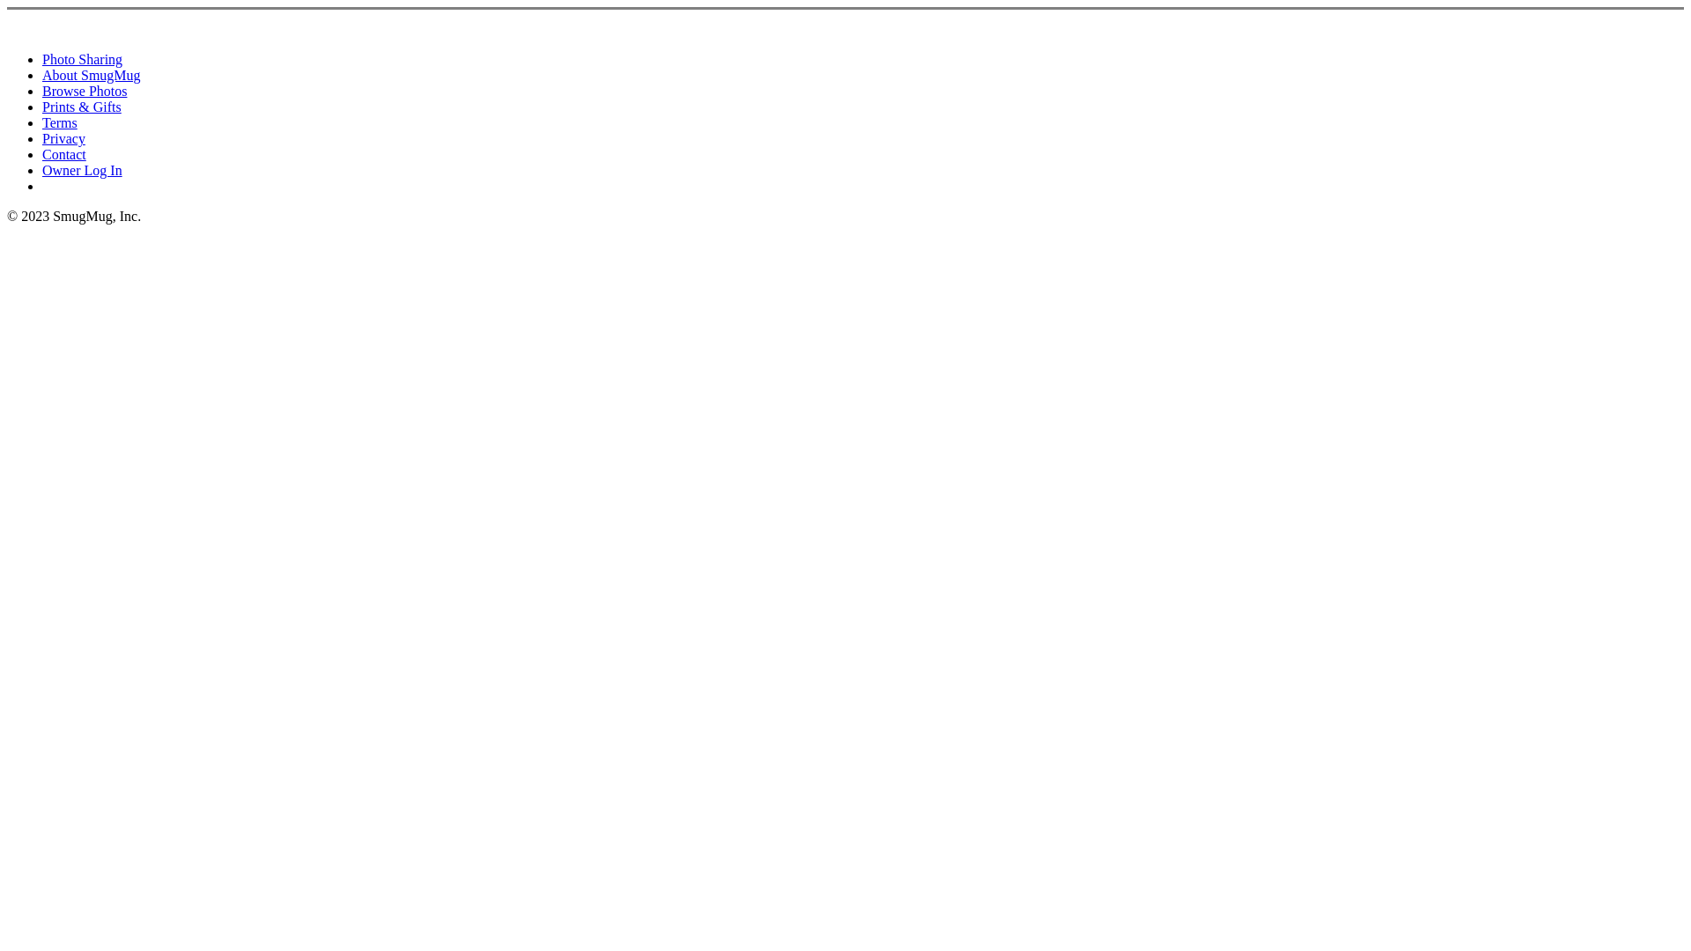 This screenshot has width=1691, height=951. Describe the element at coordinates (80, 107) in the screenshot. I see `'Prints & Gifts'` at that location.